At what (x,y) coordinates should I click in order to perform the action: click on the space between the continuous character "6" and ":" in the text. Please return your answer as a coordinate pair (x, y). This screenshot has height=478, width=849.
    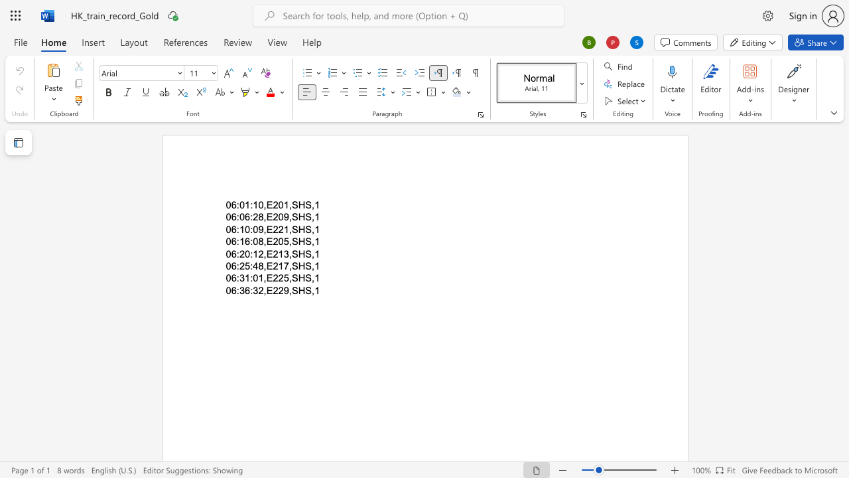
    Looking at the image, I should click on (235, 254).